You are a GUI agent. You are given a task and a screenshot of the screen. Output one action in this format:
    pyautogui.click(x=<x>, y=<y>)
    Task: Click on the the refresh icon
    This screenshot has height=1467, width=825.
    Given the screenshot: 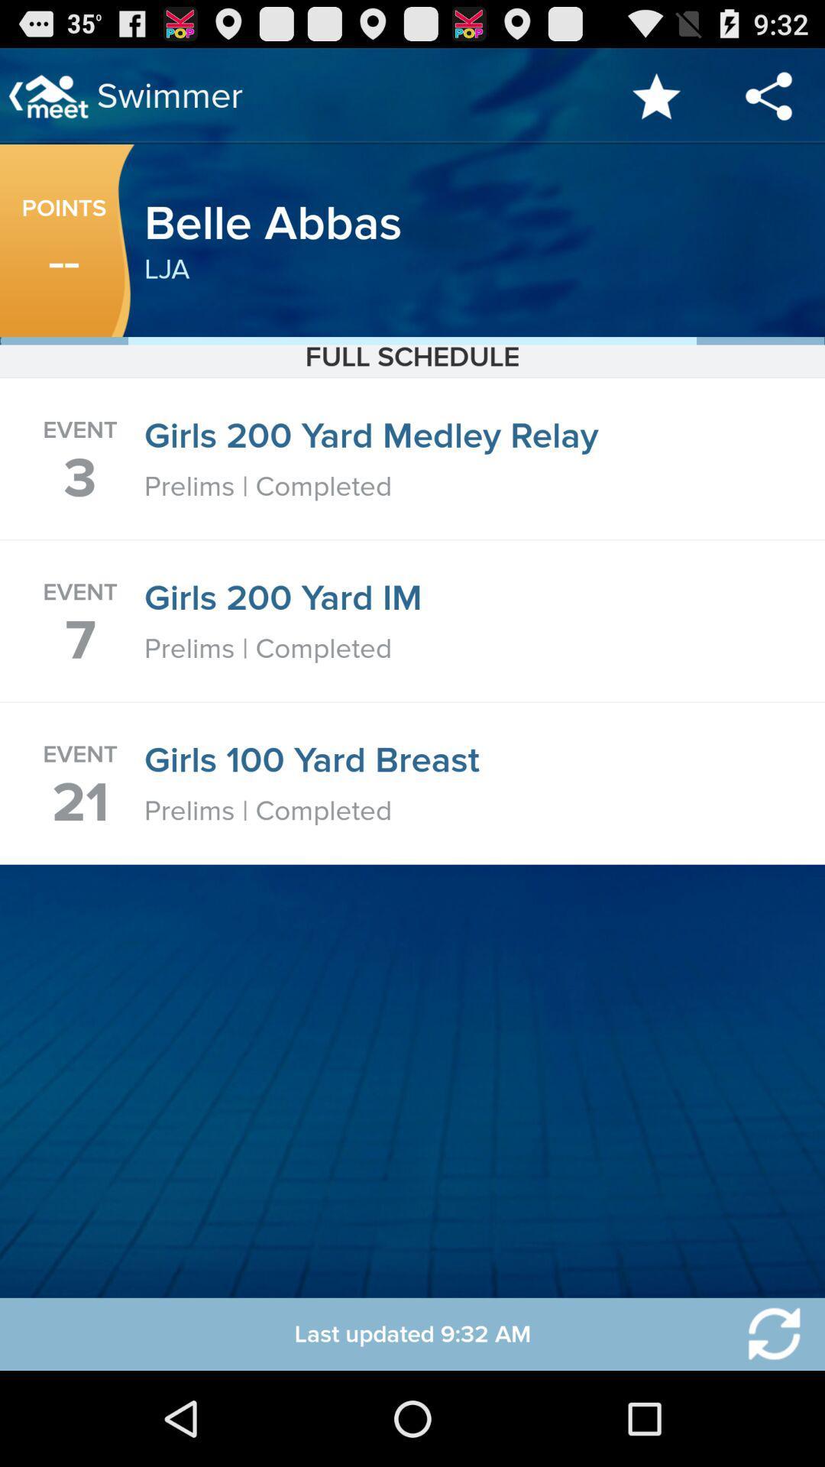 What is the action you would take?
    pyautogui.click(x=765, y=1427)
    